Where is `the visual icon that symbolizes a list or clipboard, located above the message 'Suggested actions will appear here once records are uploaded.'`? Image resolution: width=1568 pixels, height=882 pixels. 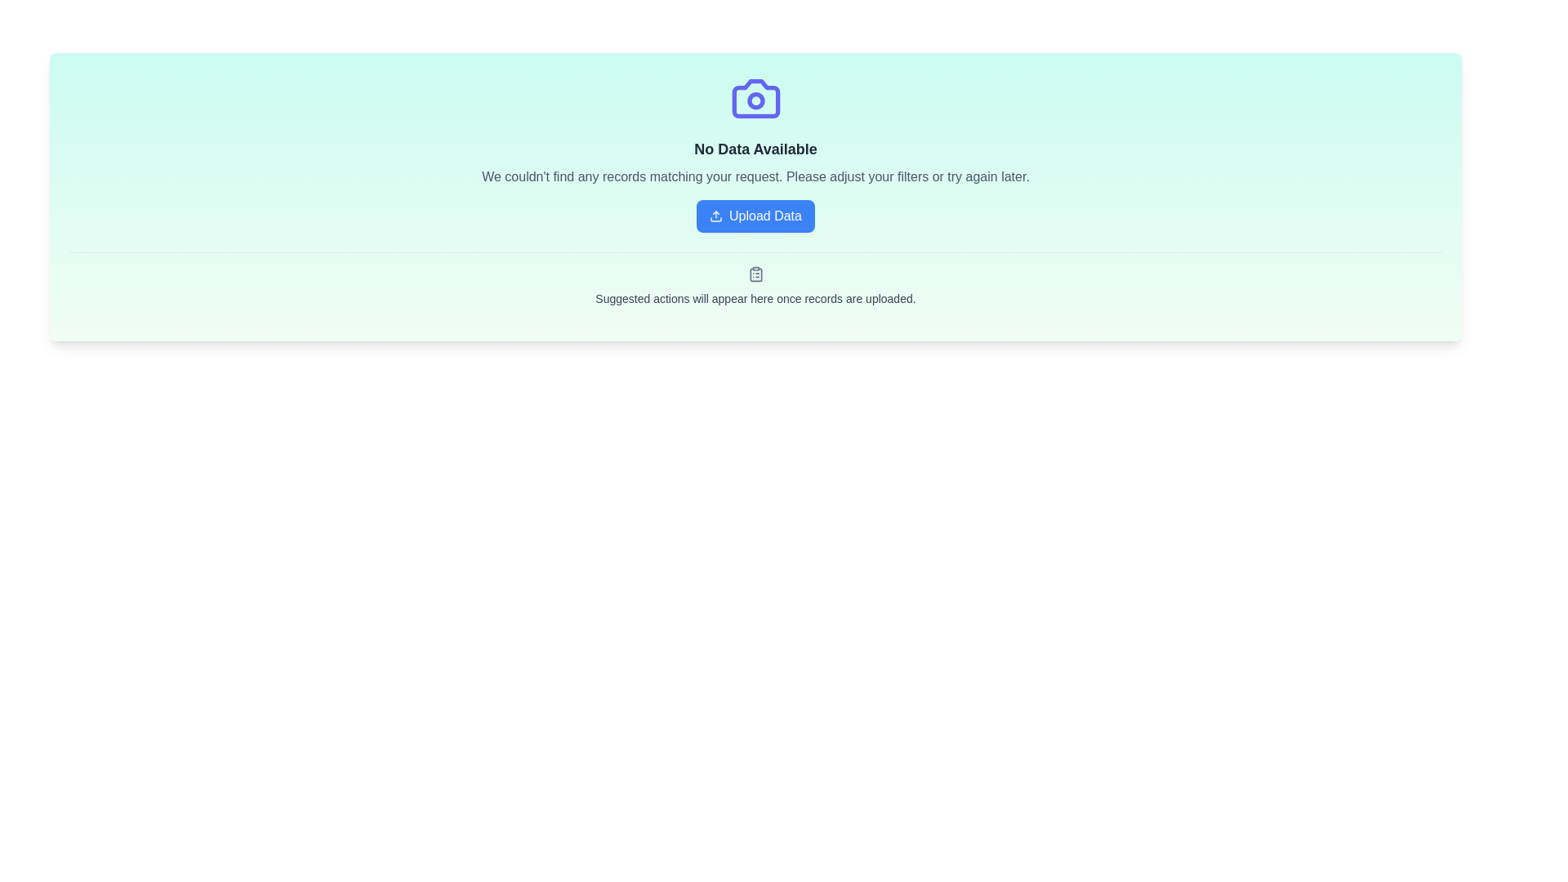
the visual icon that symbolizes a list or clipboard, located above the message 'Suggested actions will appear here once records are uploaded.' is located at coordinates (755, 273).